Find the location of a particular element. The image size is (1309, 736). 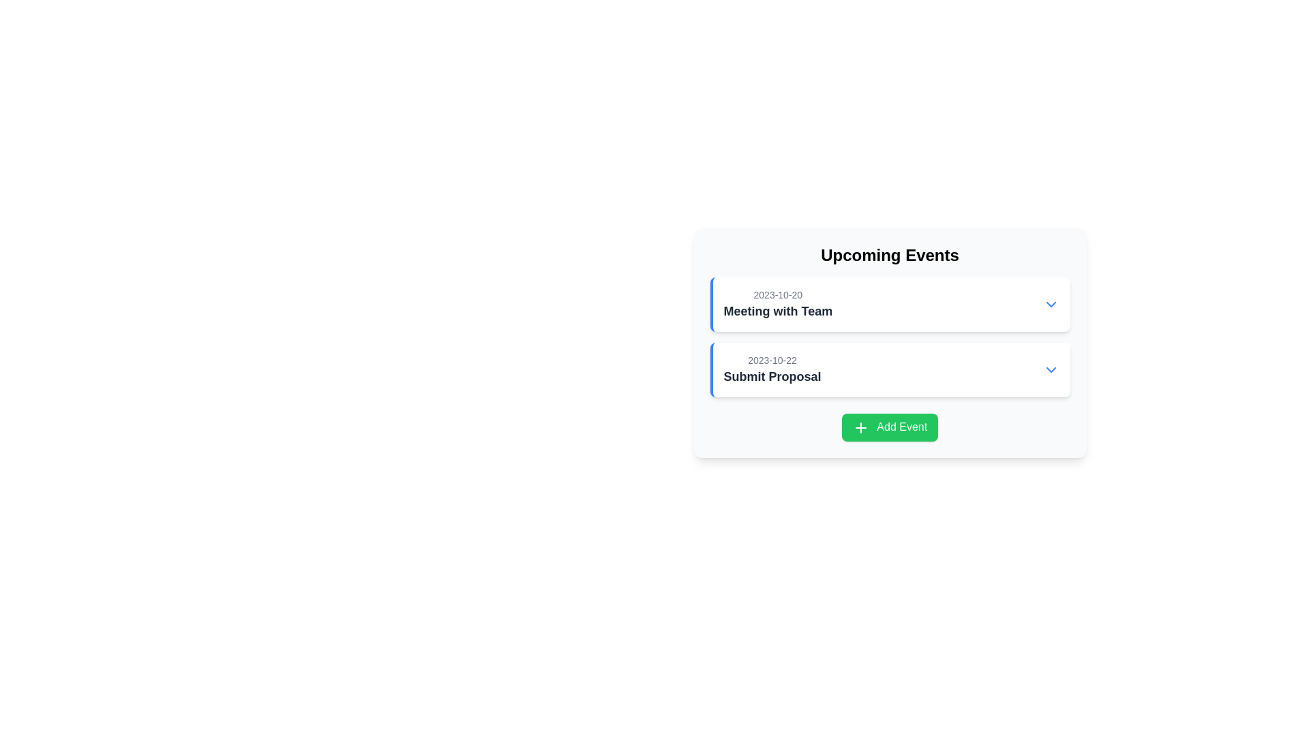

the green 'Add Event' button with white text and a plus icon to initiate adding an event is located at coordinates (890, 427).